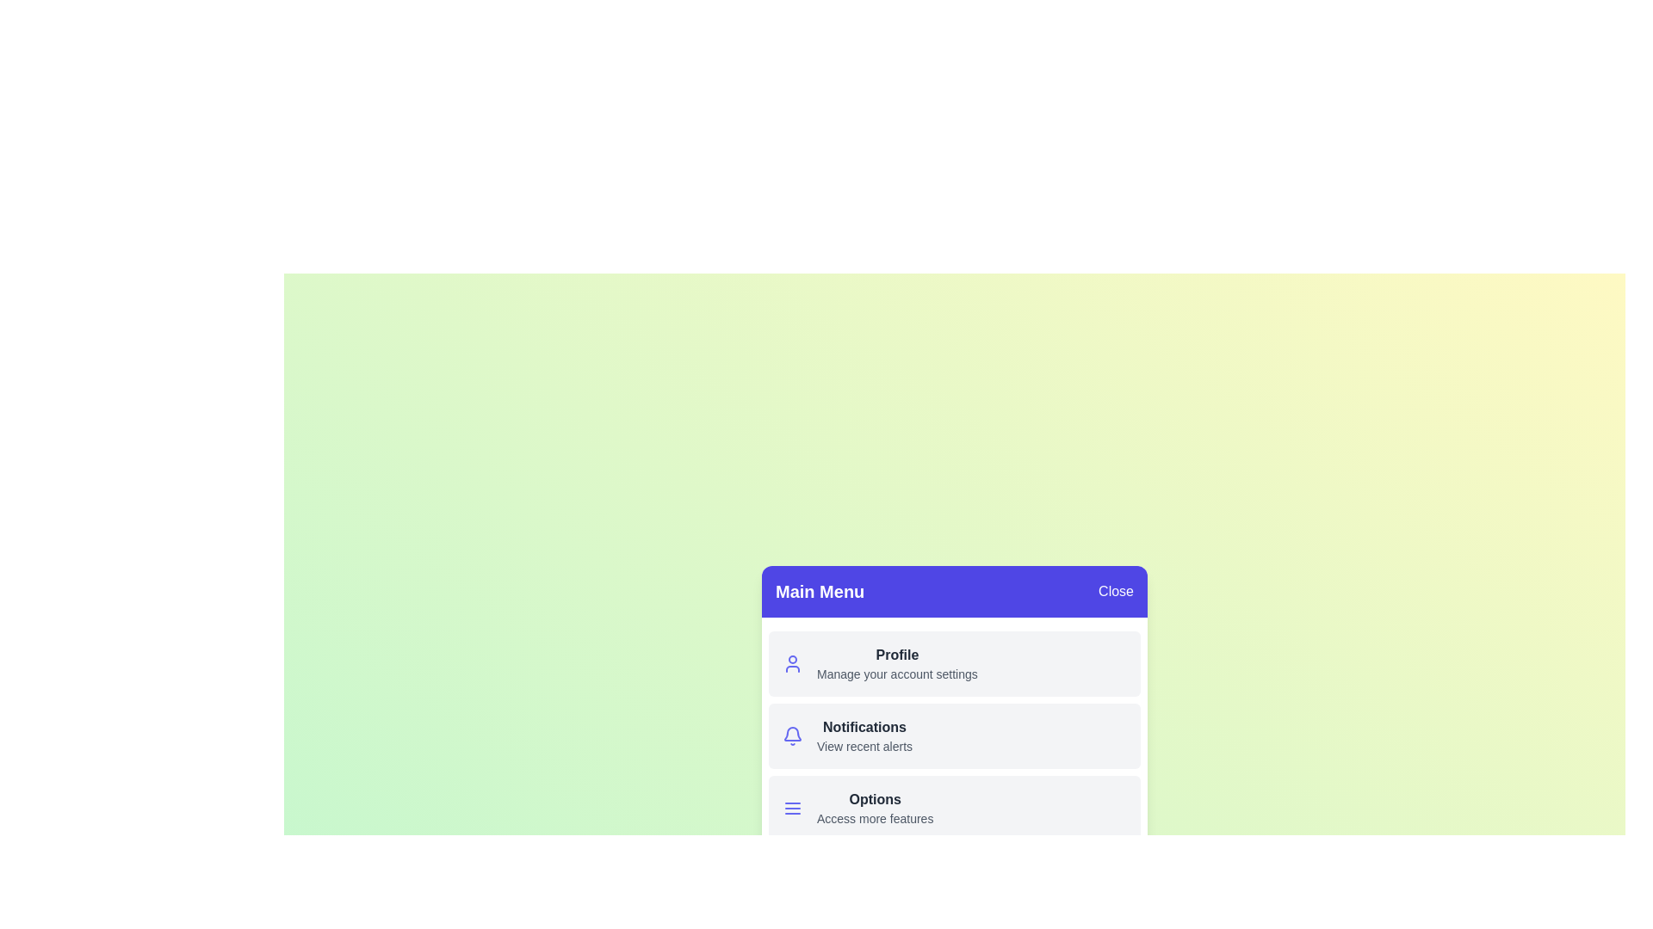 The height and width of the screenshot is (929, 1653). What do you see at coordinates (953, 809) in the screenshot?
I see `the menu item labeled 'Options' to observe its hover effect` at bounding box center [953, 809].